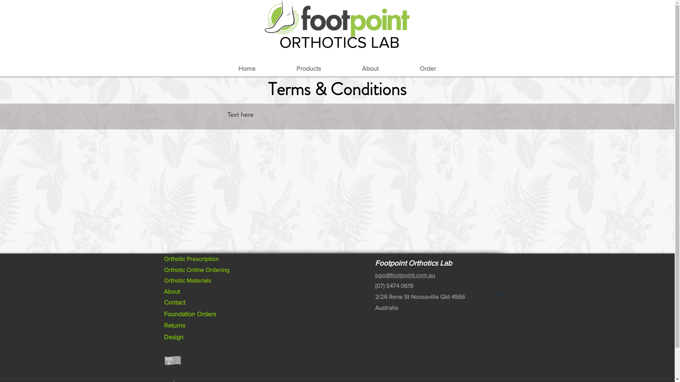 Image resolution: width=680 pixels, height=382 pixels. I want to click on 'Foundation Orders', so click(189, 313).